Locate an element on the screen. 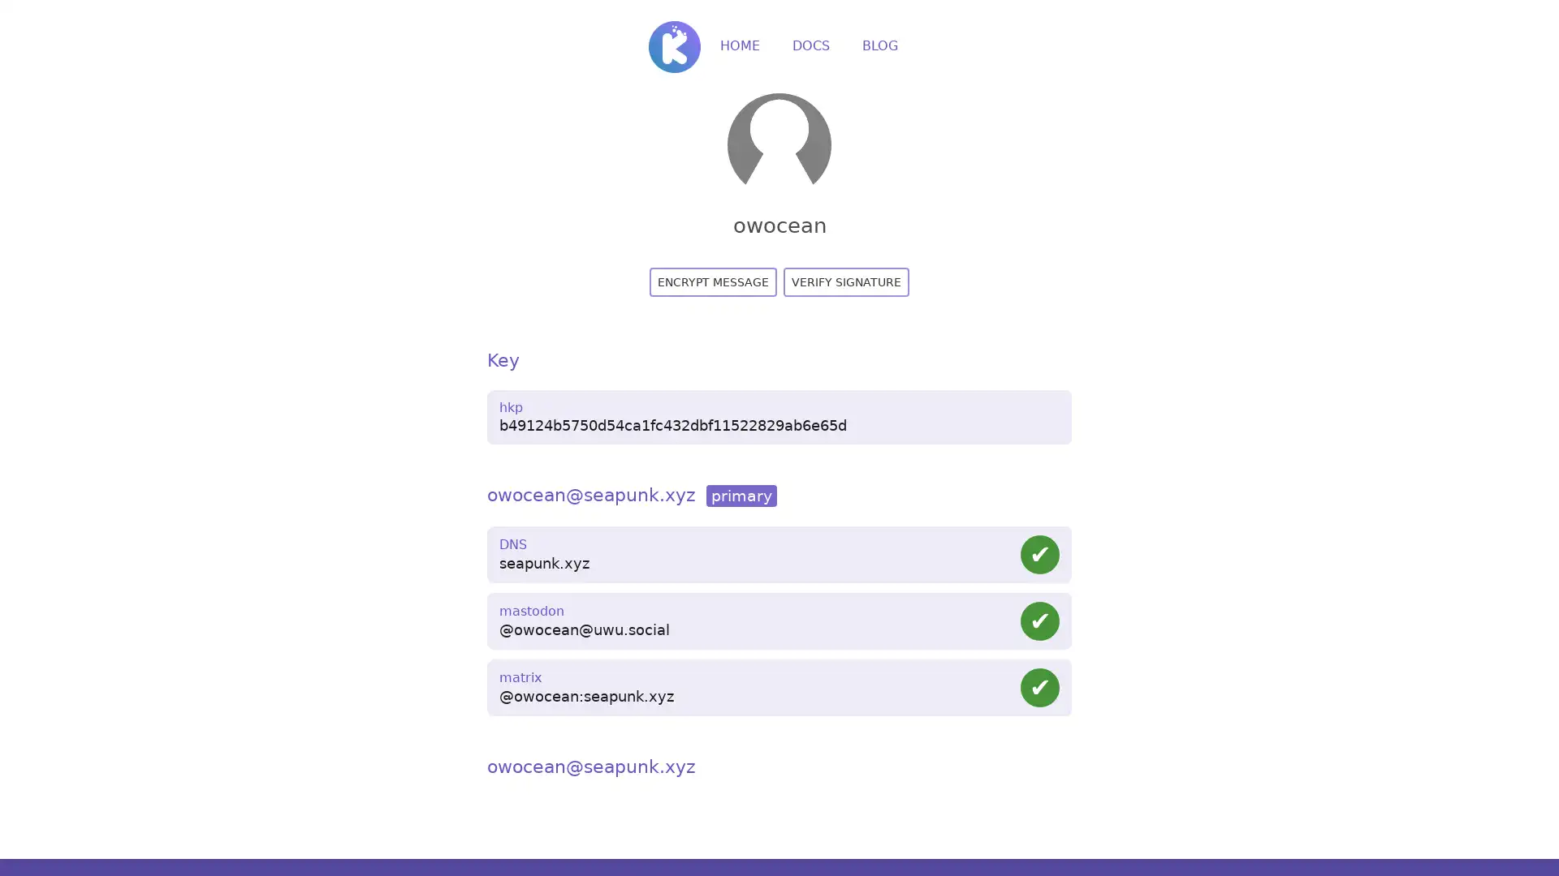 This screenshot has width=1559, height=876. VERIFY SIGNATURE is located at coordinates (845, 281).